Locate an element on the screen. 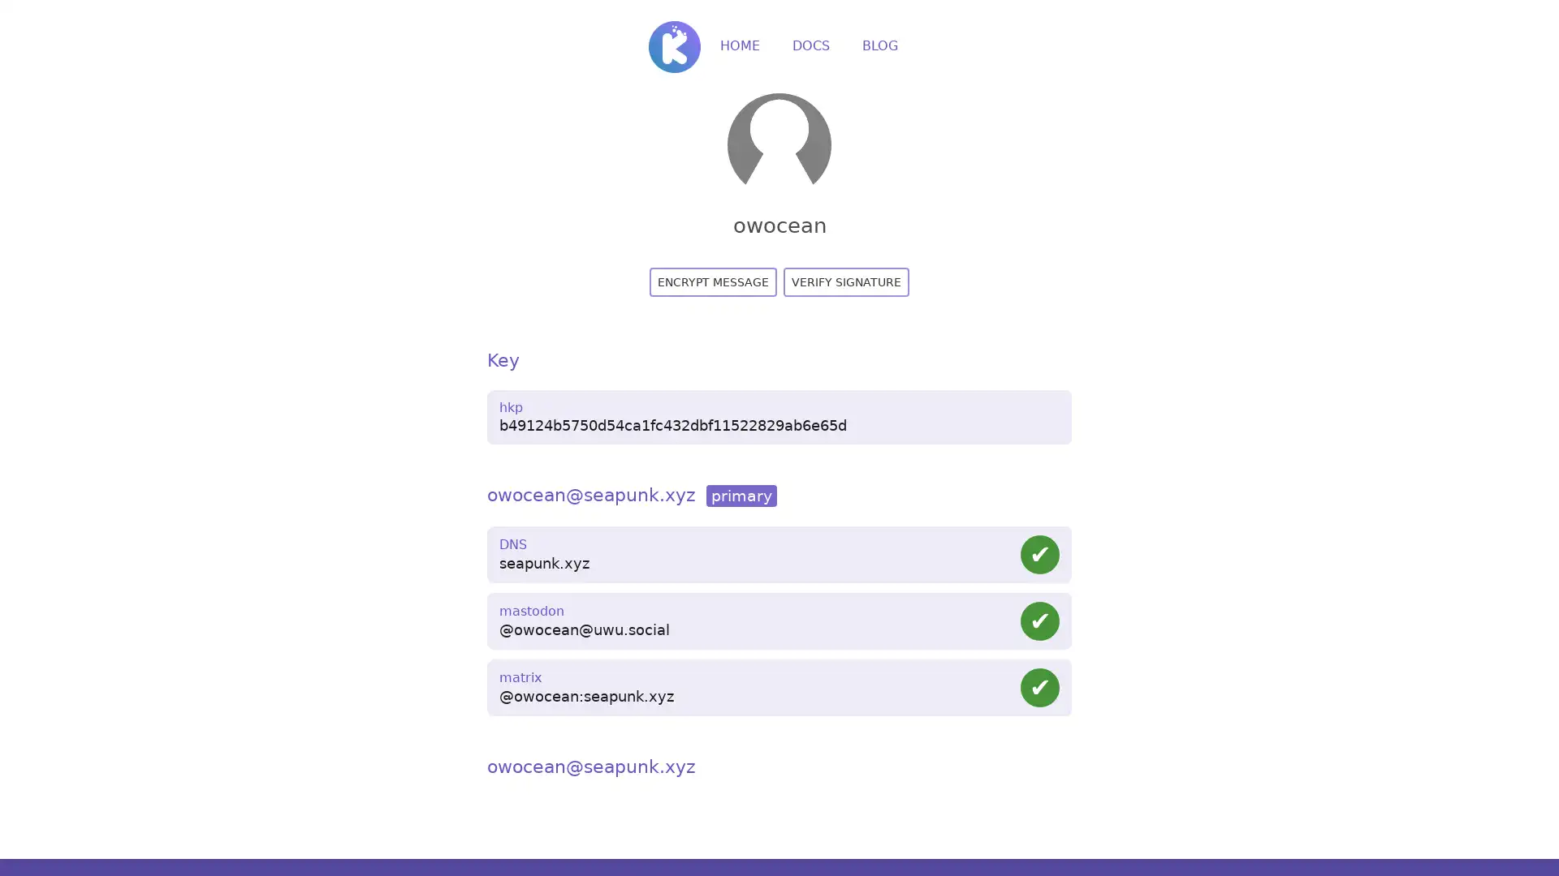 This screenshot has width=1559, height=876. VERIFY SIGNATURE is located at coordinates (845, 281).